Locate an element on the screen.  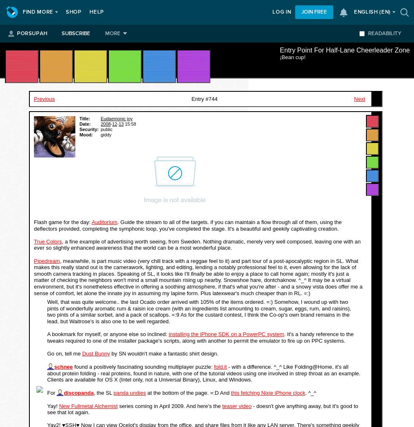
'More' is located at coordinates (113, 33).